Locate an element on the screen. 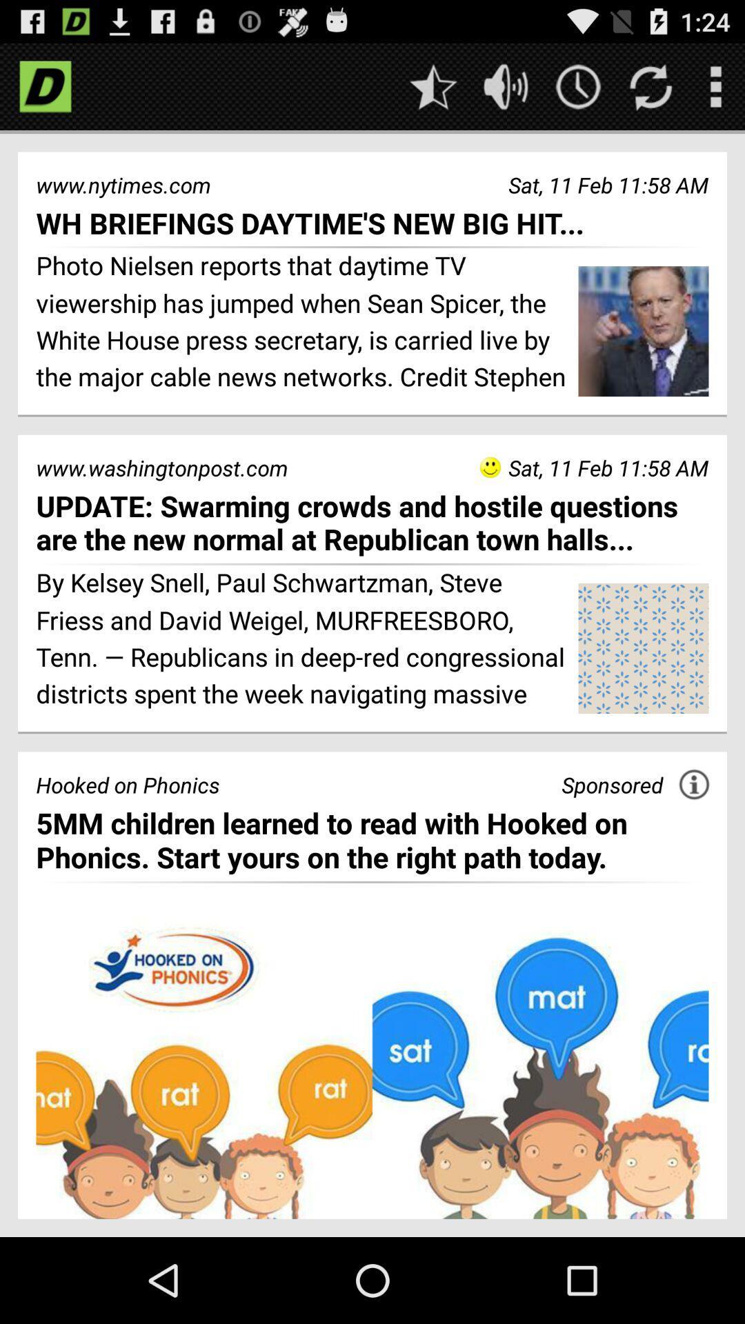  the wh briefings daytime icon is located at coordinates (372, 223).